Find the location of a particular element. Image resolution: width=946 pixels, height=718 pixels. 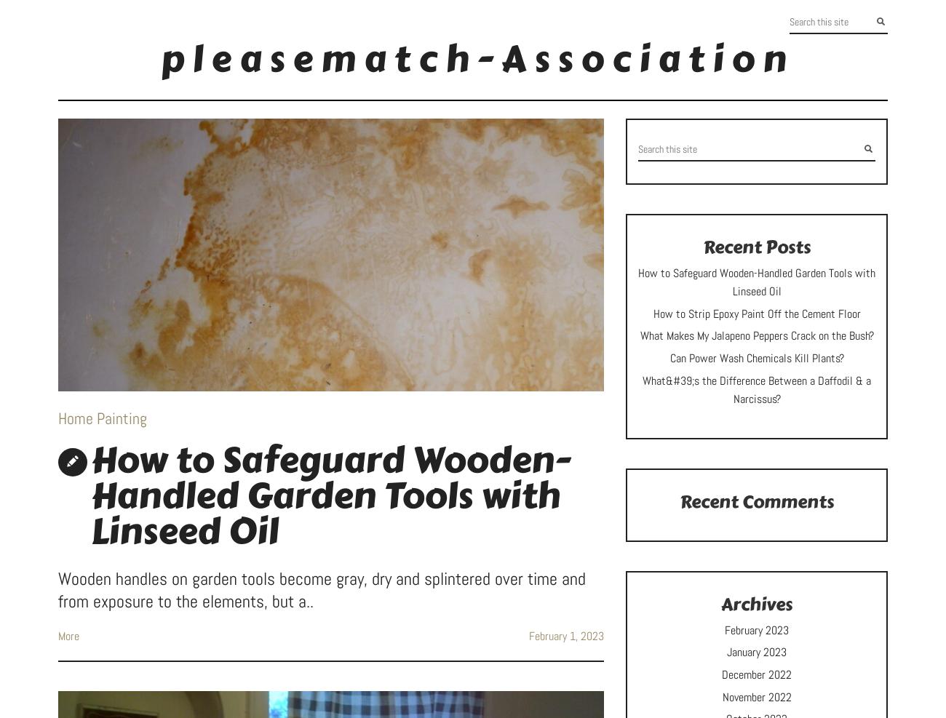

'p l e a s e m a t c h   -   A s s o c i a t i o n' is located at coordinates (472, 59).